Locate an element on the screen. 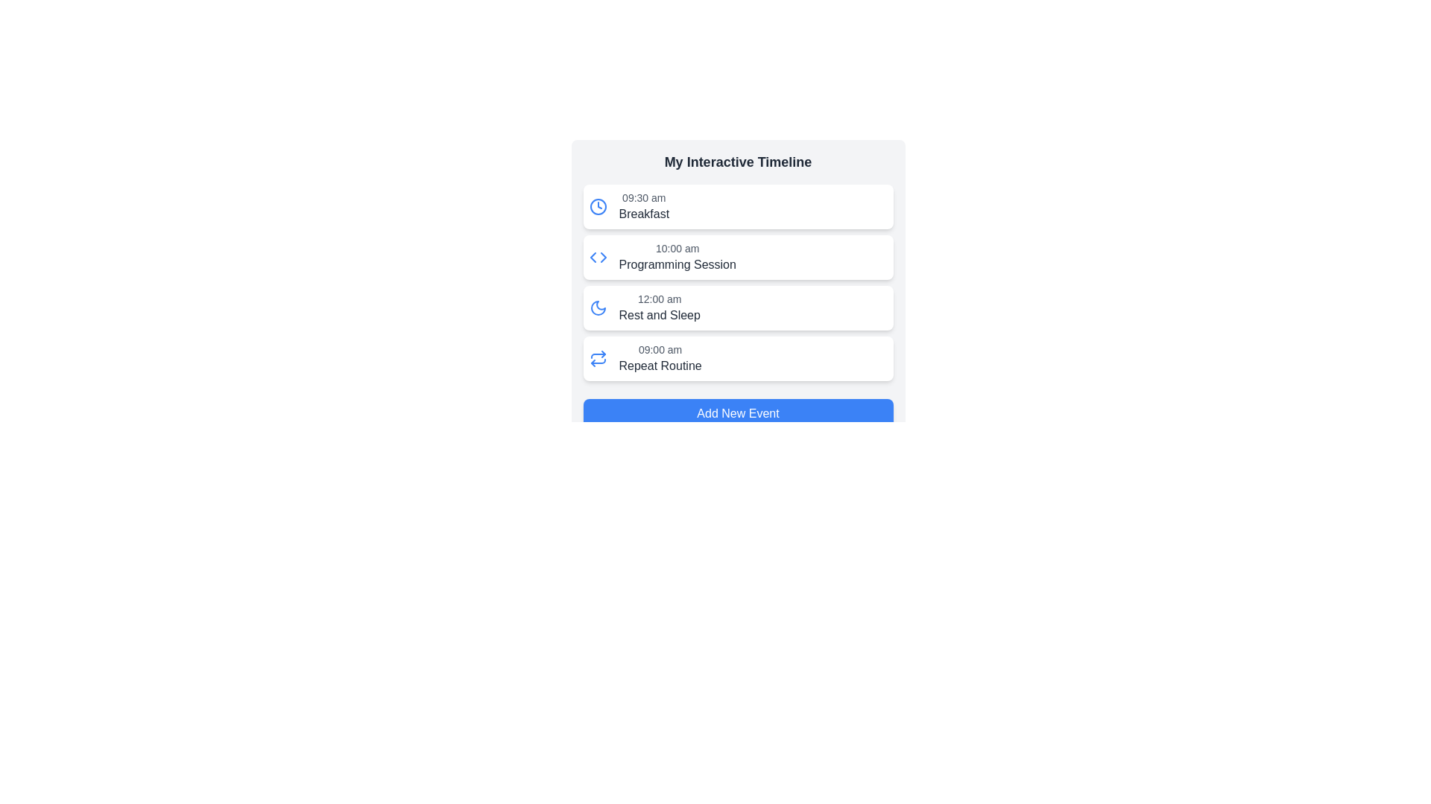  the text label displaying '09:30 am' located at the top-left corner of the 'Breakfast' card, adjacent to the clock icon is located at coordinates (644, 197).